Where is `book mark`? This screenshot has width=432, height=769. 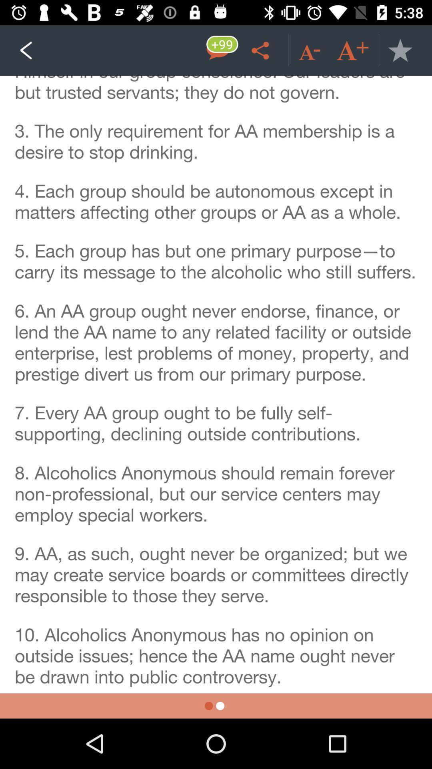 book mark is located at coordinates (400, 50).